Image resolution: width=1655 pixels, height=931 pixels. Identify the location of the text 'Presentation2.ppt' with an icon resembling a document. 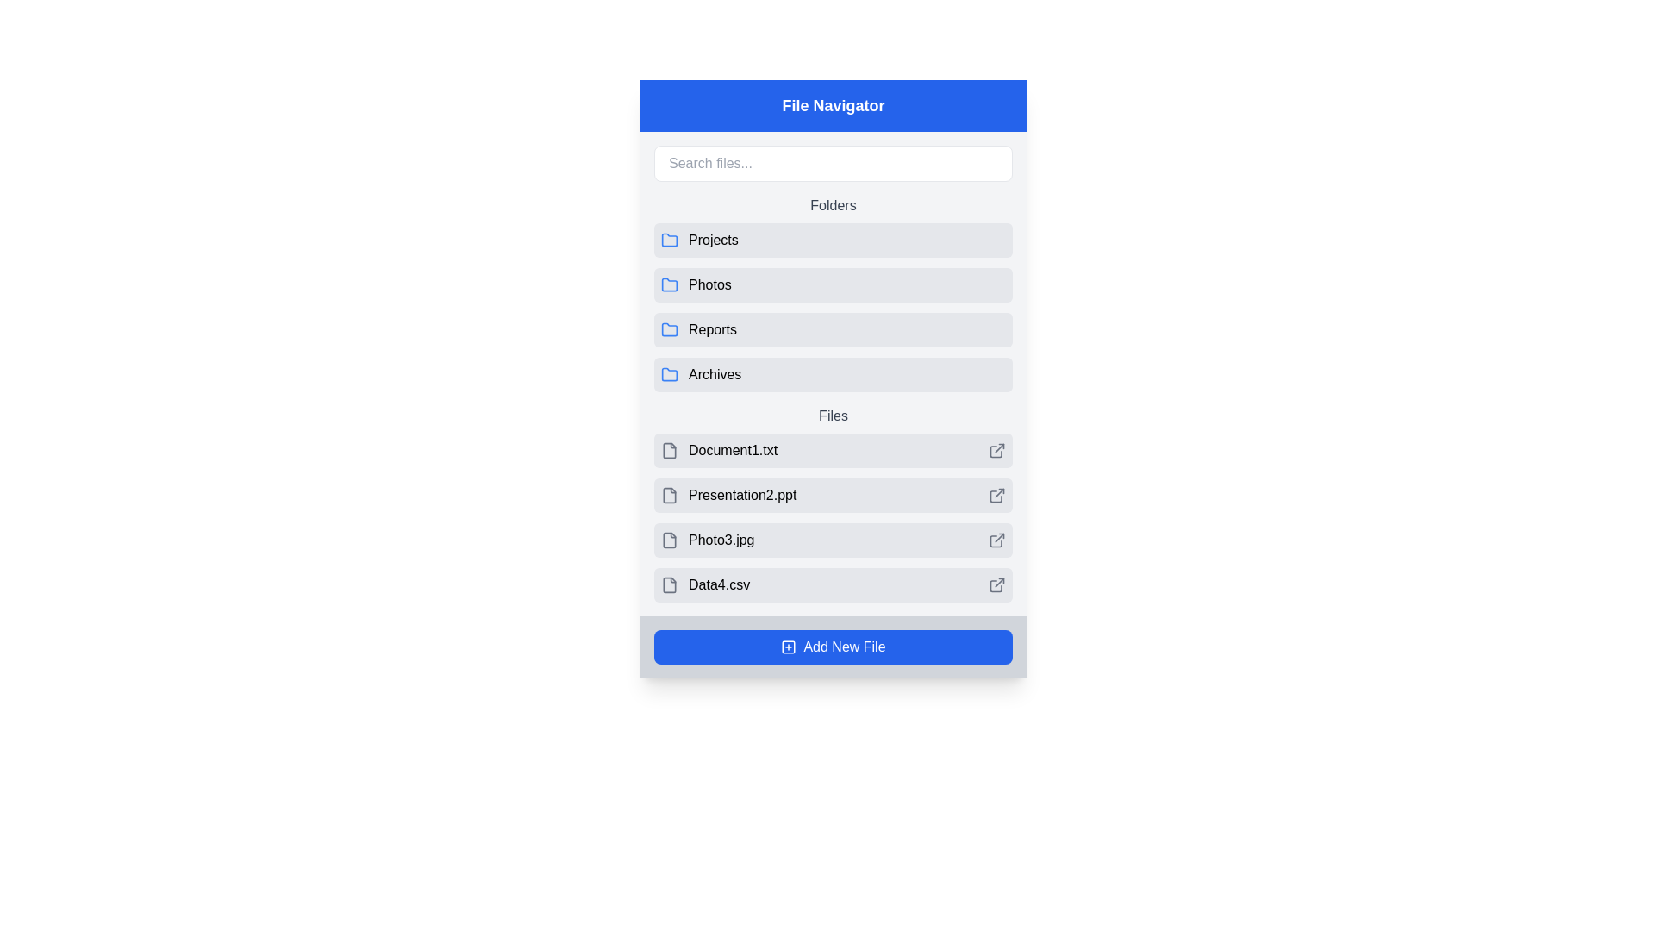
(728, 495).